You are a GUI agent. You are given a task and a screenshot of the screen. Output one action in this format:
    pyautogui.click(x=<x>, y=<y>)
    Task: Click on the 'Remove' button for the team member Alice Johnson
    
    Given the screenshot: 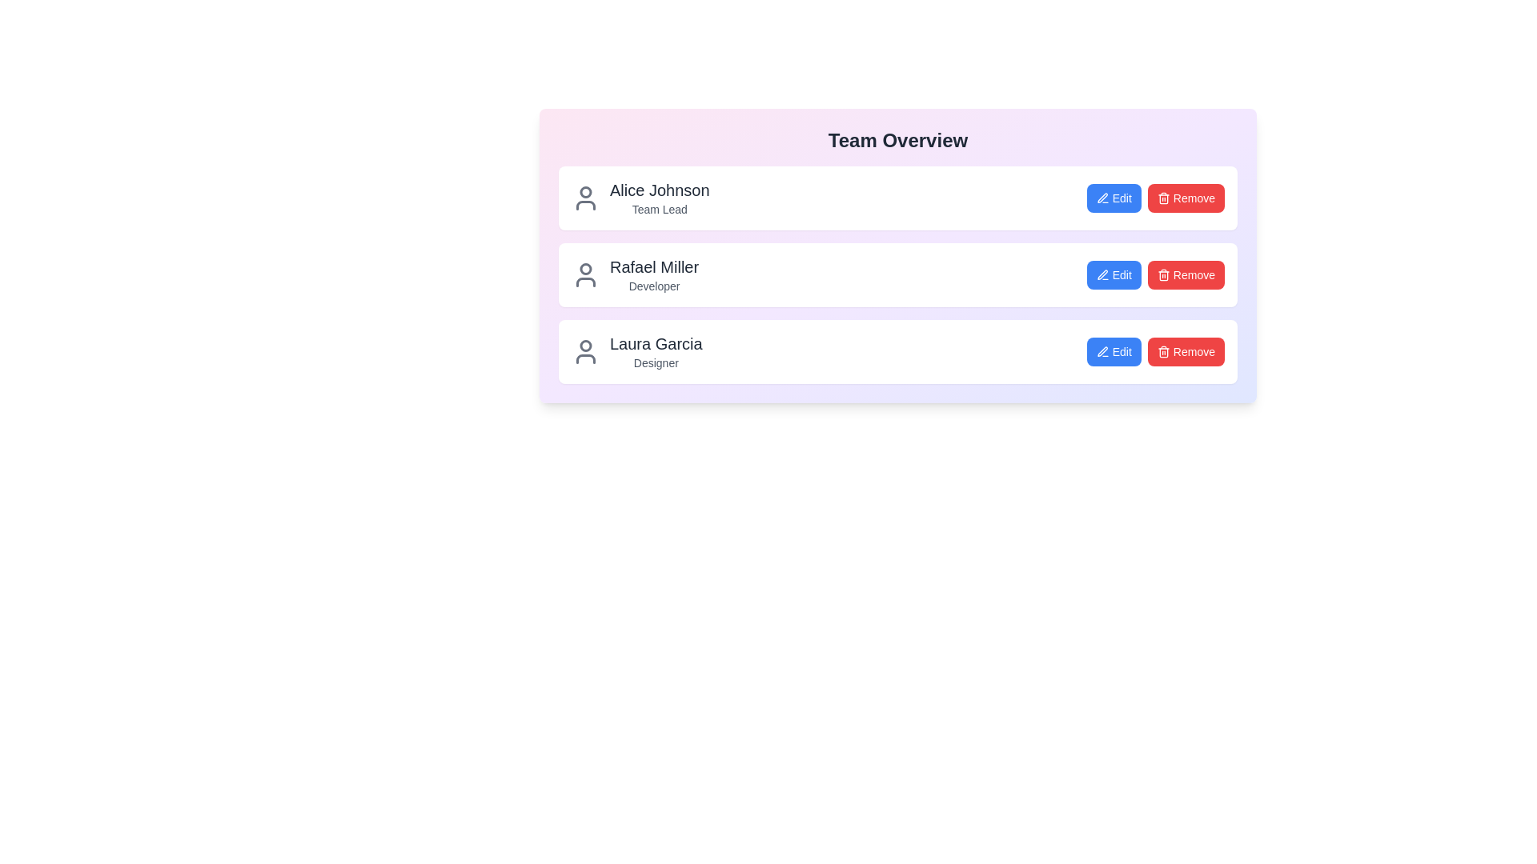 What is the action you would take?
    pyautogui.click(x=1186, y=197)
    